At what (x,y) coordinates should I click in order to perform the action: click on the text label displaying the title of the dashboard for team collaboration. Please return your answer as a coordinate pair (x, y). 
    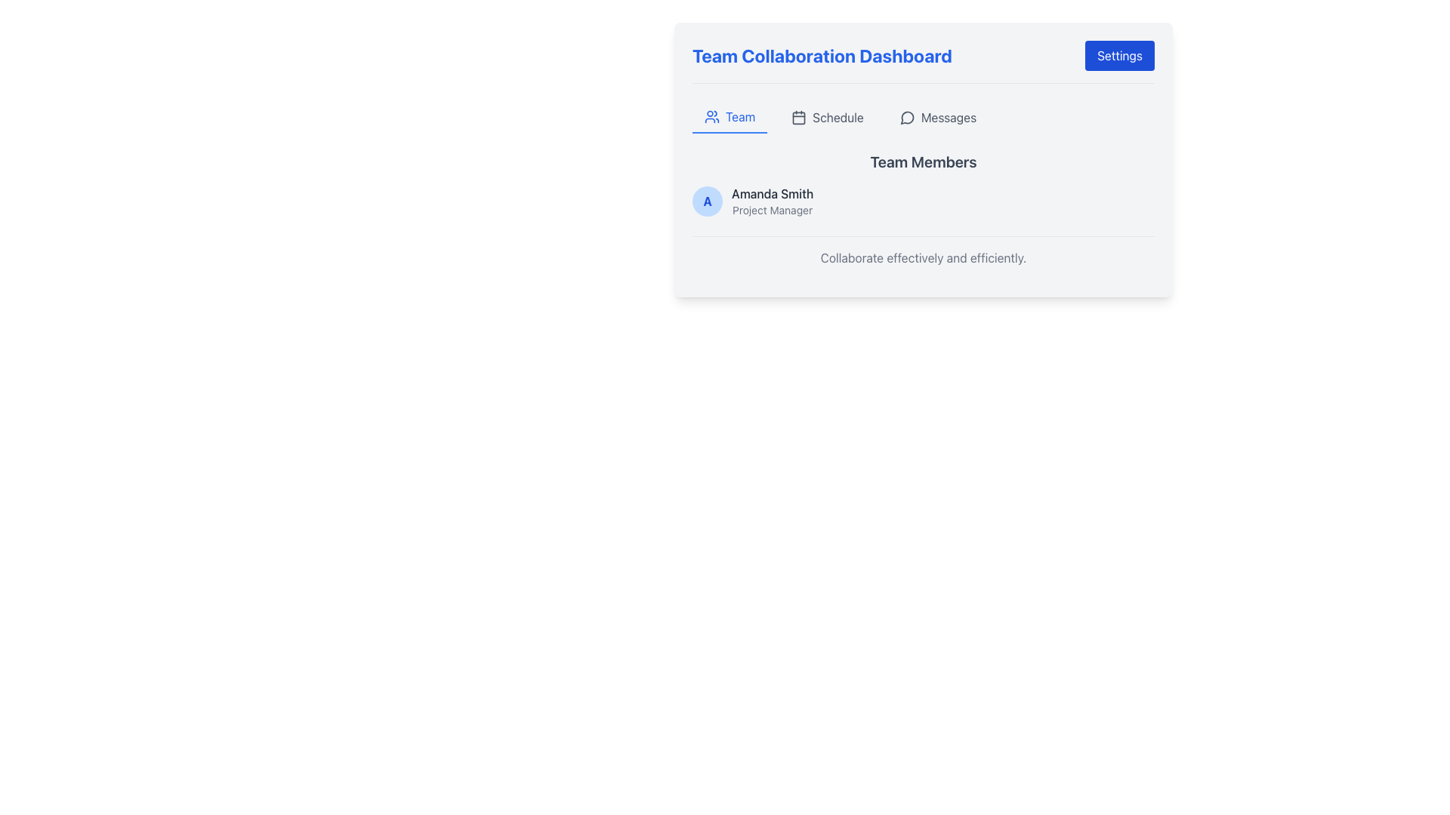
    Looking at the image, I should click on (821, 54).